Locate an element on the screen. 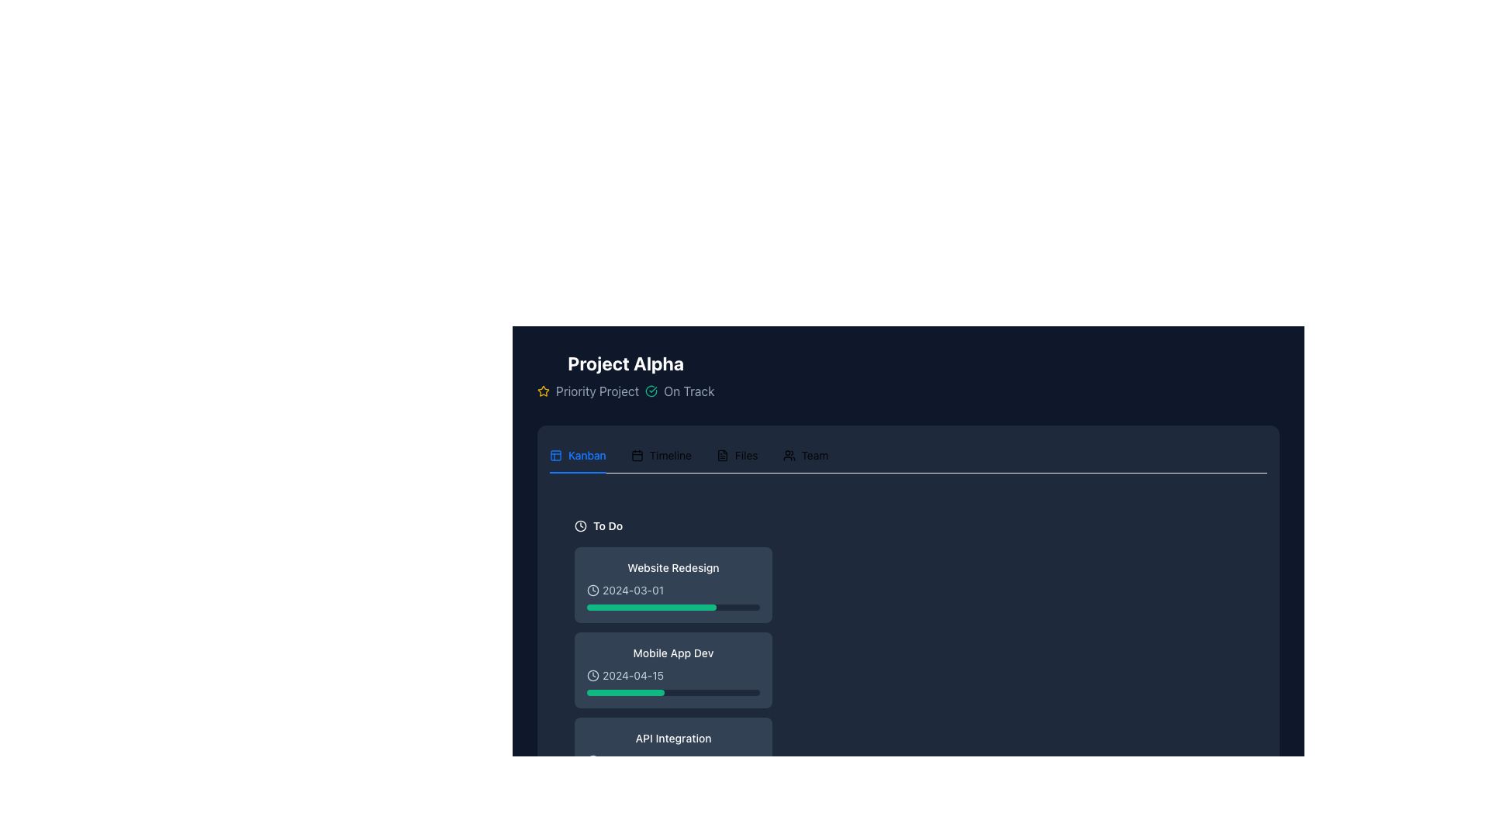 The image size is (1489, 837). the 'Website Redesign' text label in the Kanban board is located at coordinates (673, 567).